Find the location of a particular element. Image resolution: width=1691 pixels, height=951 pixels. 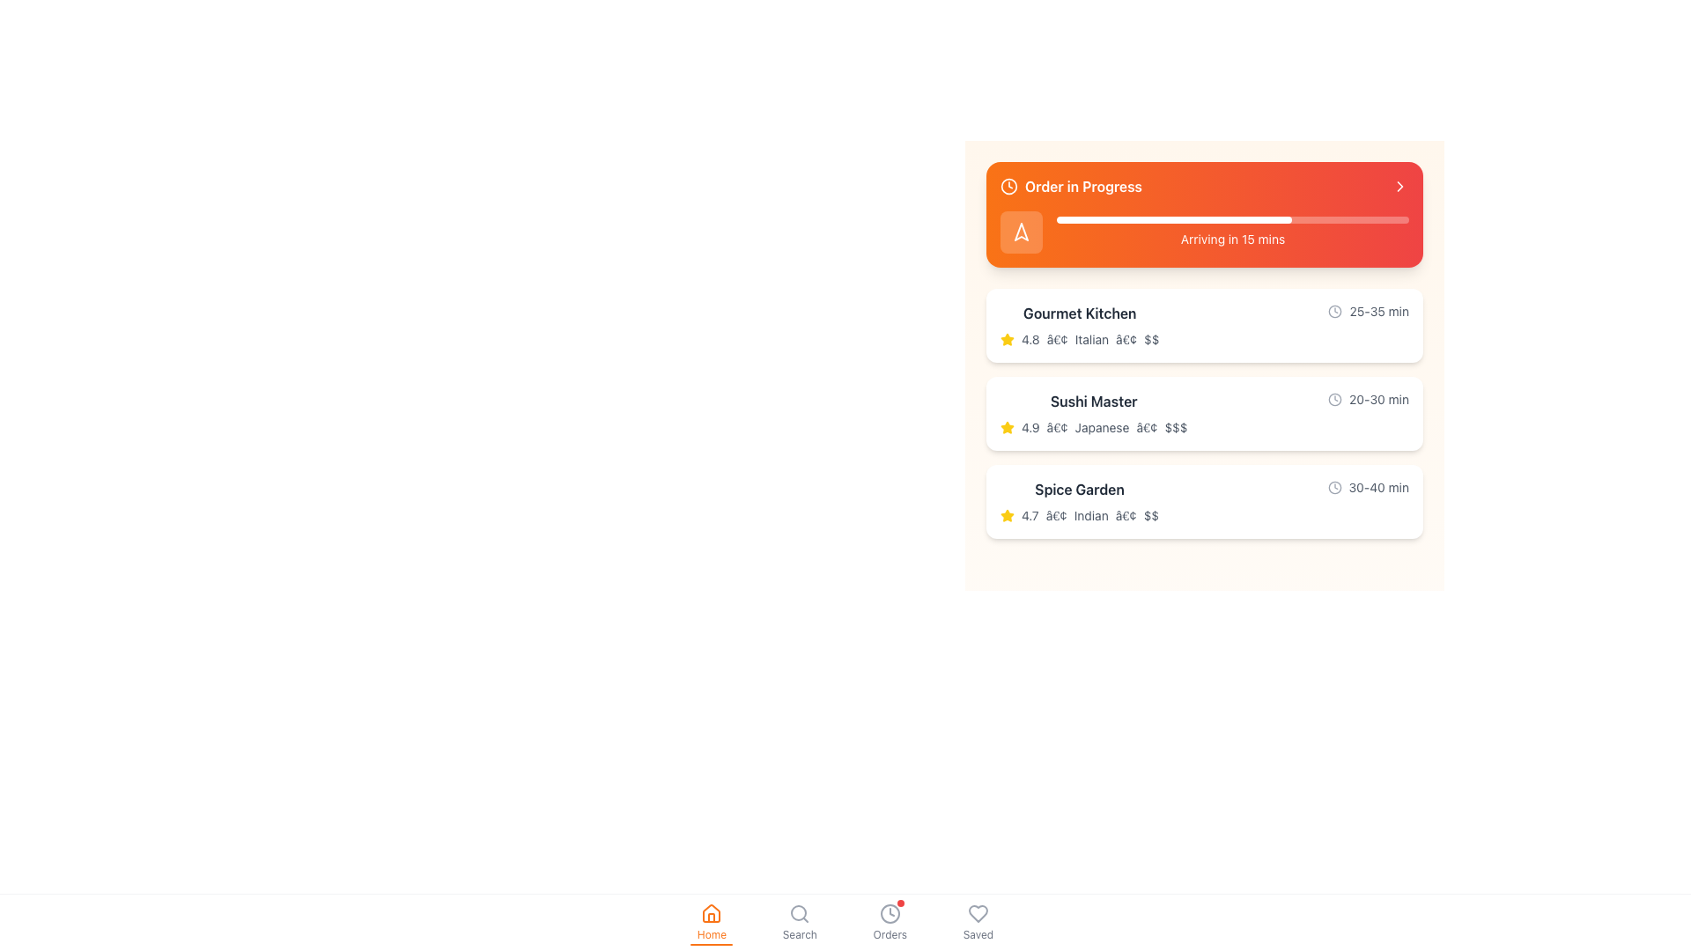

the text label located beneath the heart-shaped icon in the bottom right corner of the interface, which serves as a label for a quick access menu item is located at coordinates (977, 933).